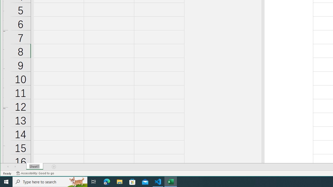 The image size is (333, 187). I want to click on 'Start', so click(6, 181).